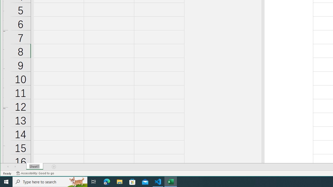 The image size is (333, 187). I want to click on 'Start', so click(6, 181).